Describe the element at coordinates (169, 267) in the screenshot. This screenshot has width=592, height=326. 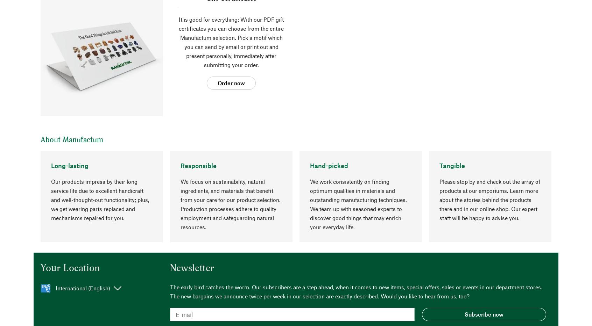
I see `'Newsletter'` at that location.